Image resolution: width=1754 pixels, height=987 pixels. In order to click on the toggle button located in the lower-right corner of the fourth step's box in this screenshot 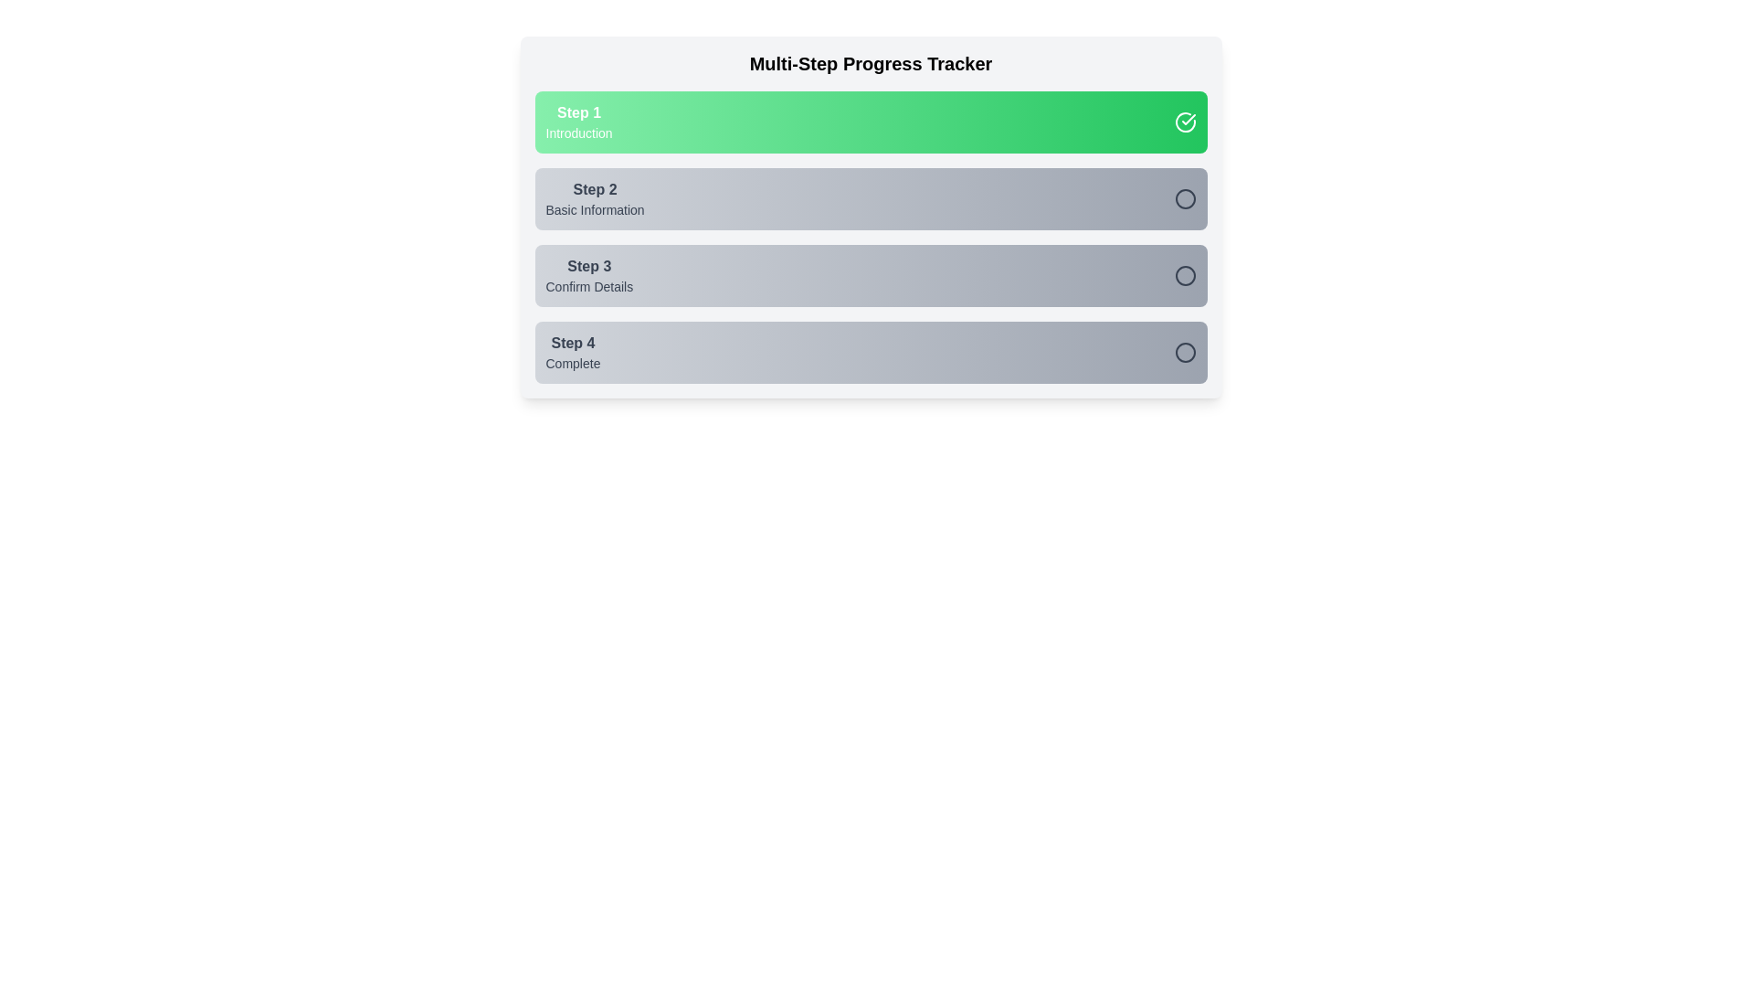, I will do `click(1185, 352)`.